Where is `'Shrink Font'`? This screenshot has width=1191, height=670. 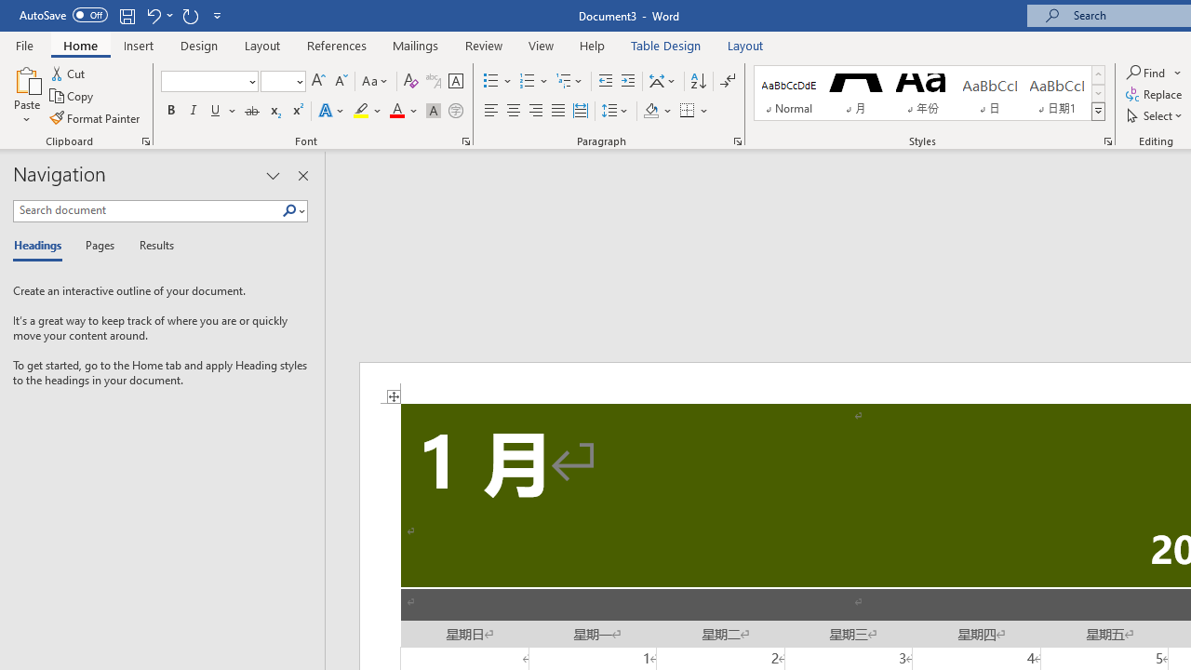
'Shrink Font' is located at coordinates (341, 80).